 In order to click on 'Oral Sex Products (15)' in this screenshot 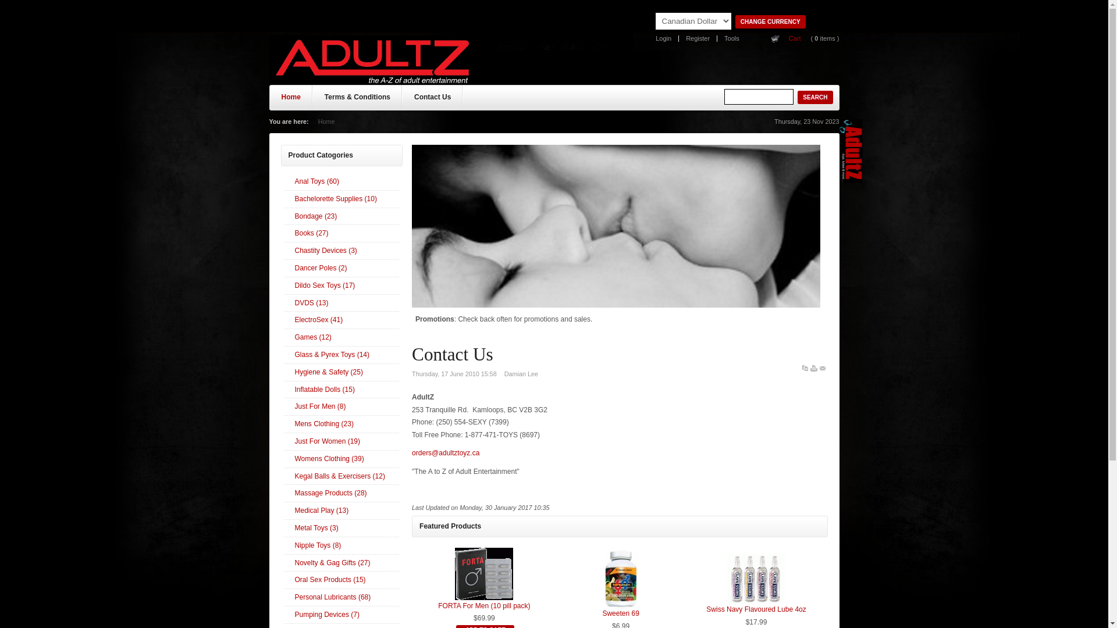, I will do `click(340, 580)`.